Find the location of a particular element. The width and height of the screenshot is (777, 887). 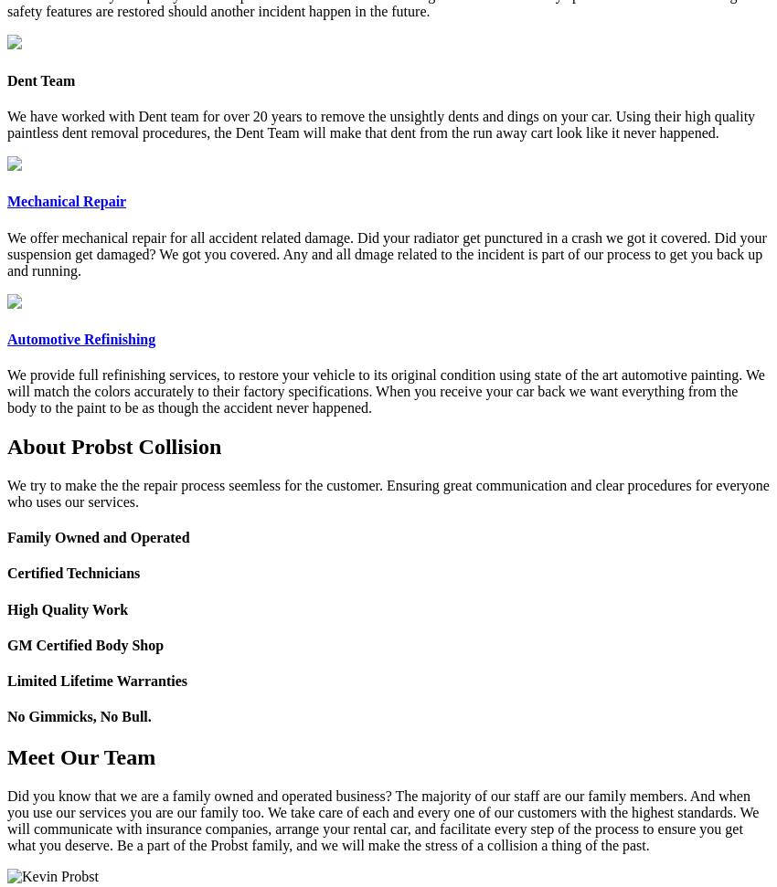

'High Quality Work' is located at coordinates (5, 608).